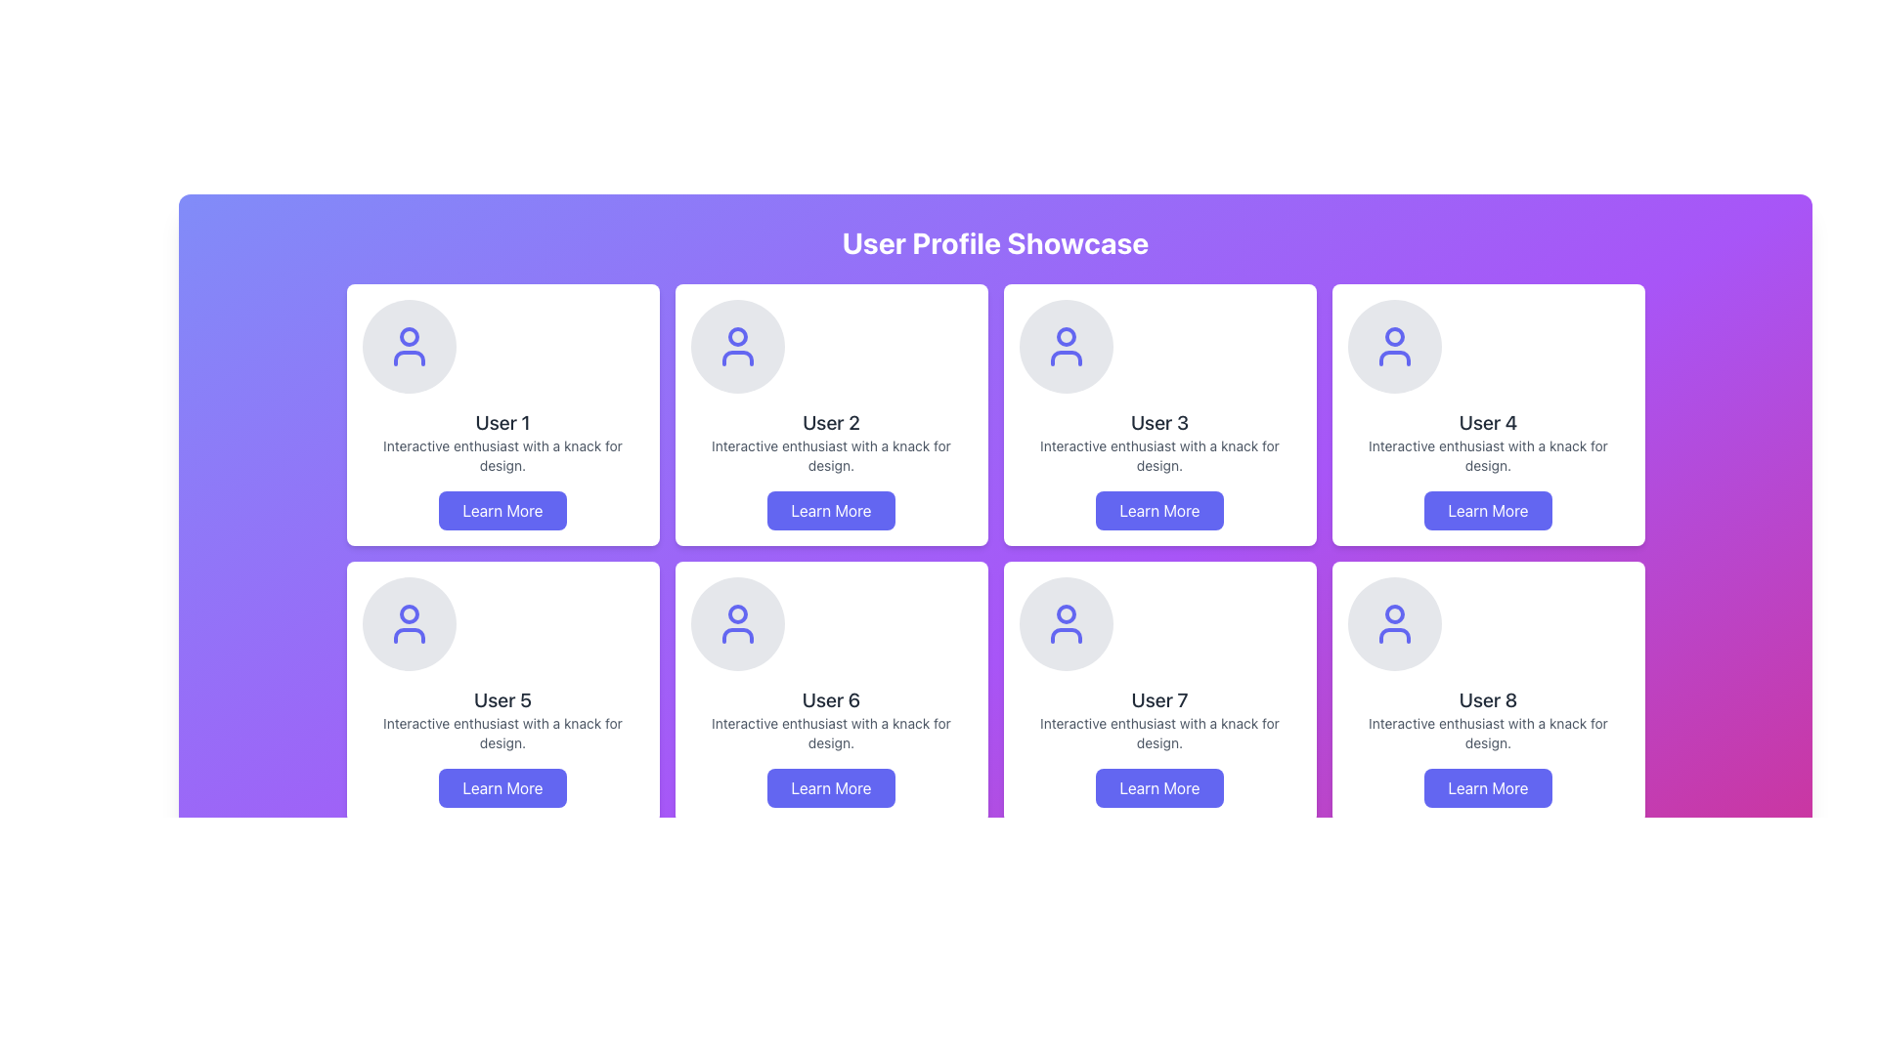 Image resolution: width=1877 pixels, height=1055 pixels. What do you see at coordinates (1487, 786) in the screenshot?
I see `the button located at the bottom-right corner of the 'User 8' profile card to observe the hover effects` at bounding box center [1487, 786].